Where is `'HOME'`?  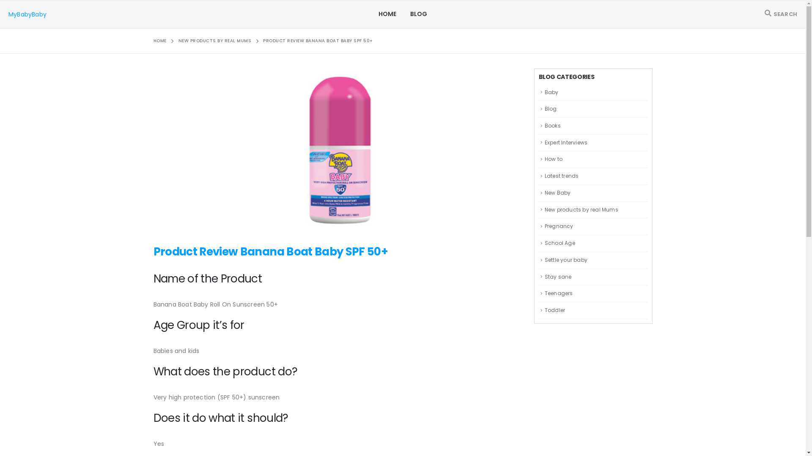 'HOME' is located at coordinates (159, 41).